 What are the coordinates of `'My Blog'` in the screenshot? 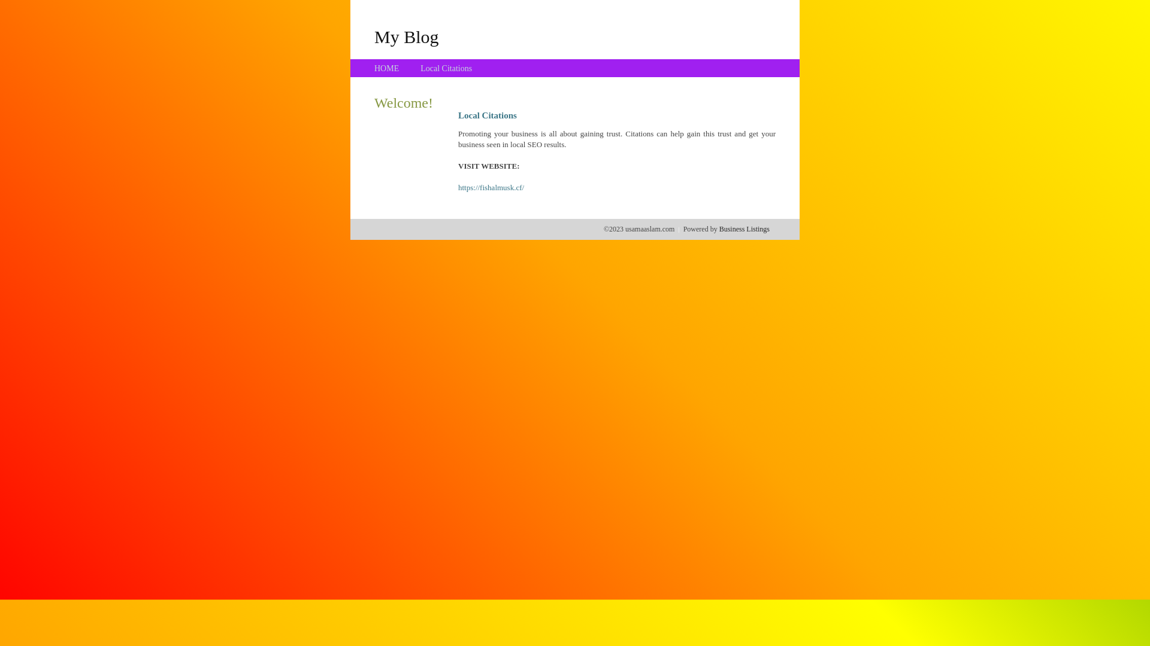 It's located at (406, 36).